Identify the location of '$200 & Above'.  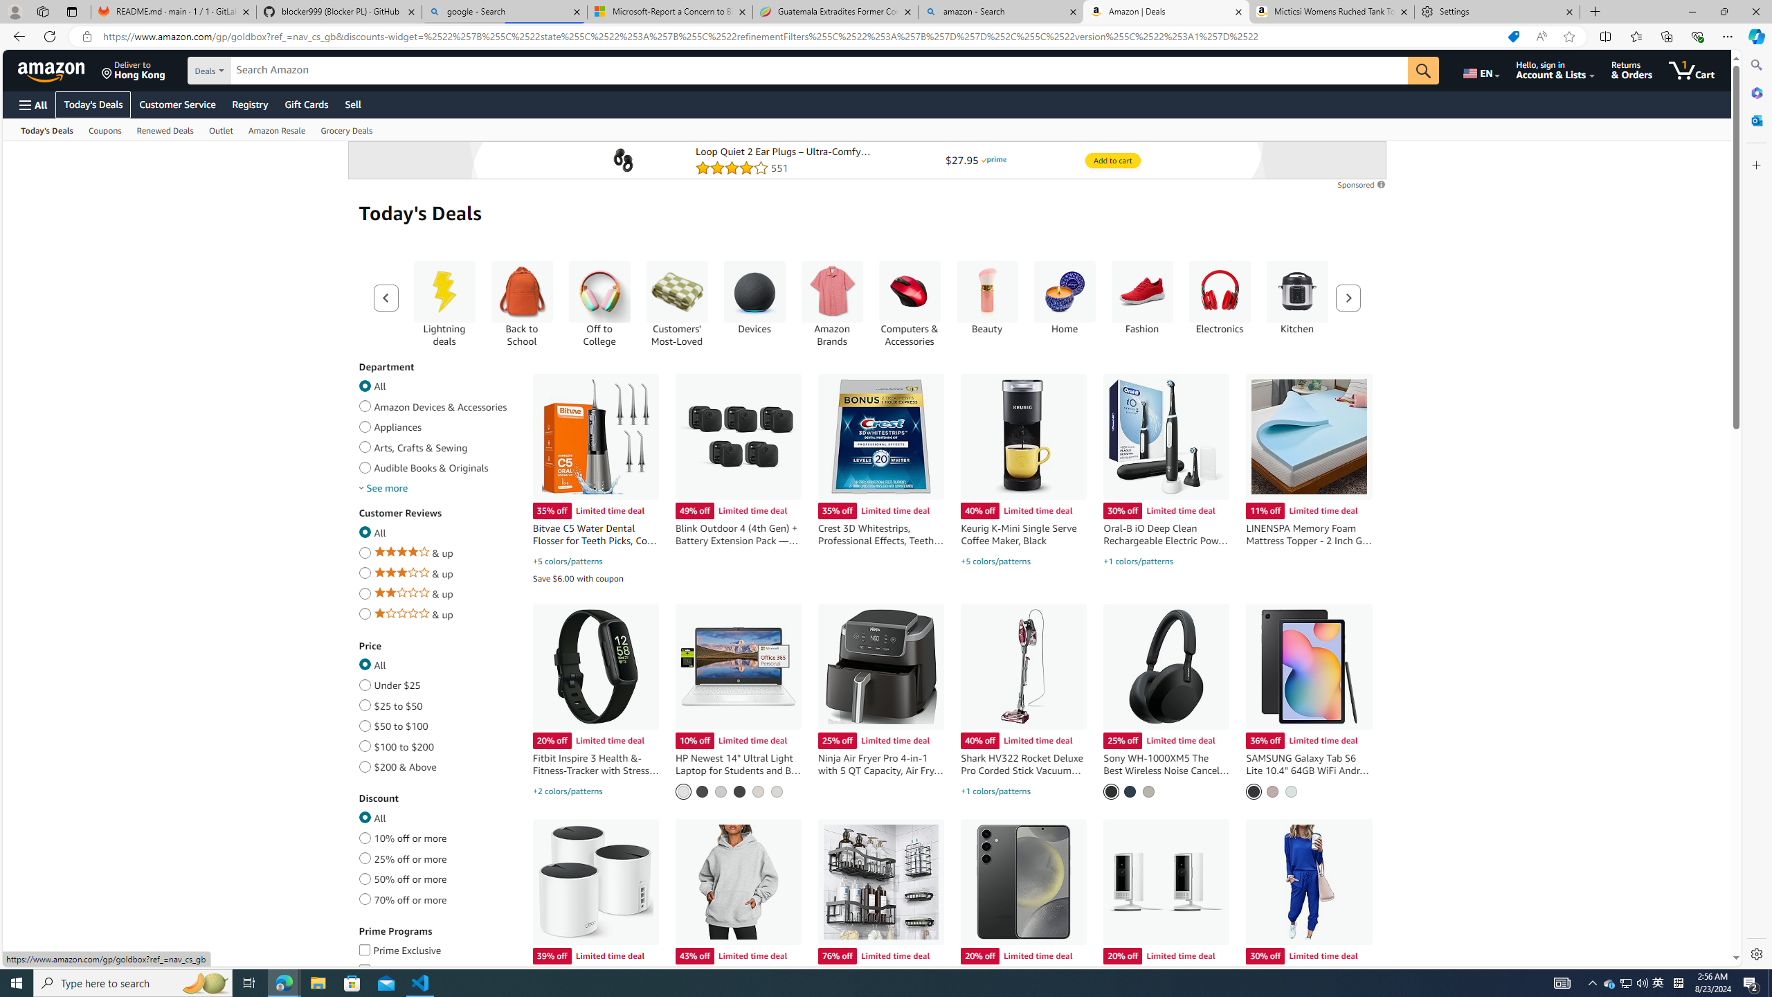
(363, 763).